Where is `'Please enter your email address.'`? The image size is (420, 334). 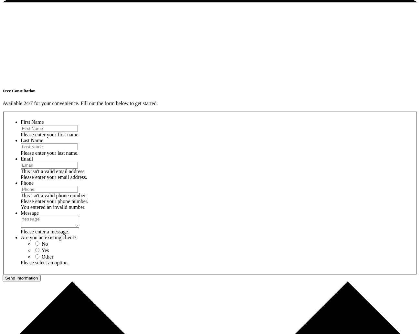 'Please enter your email address.' is located at coordinates (54, 177).